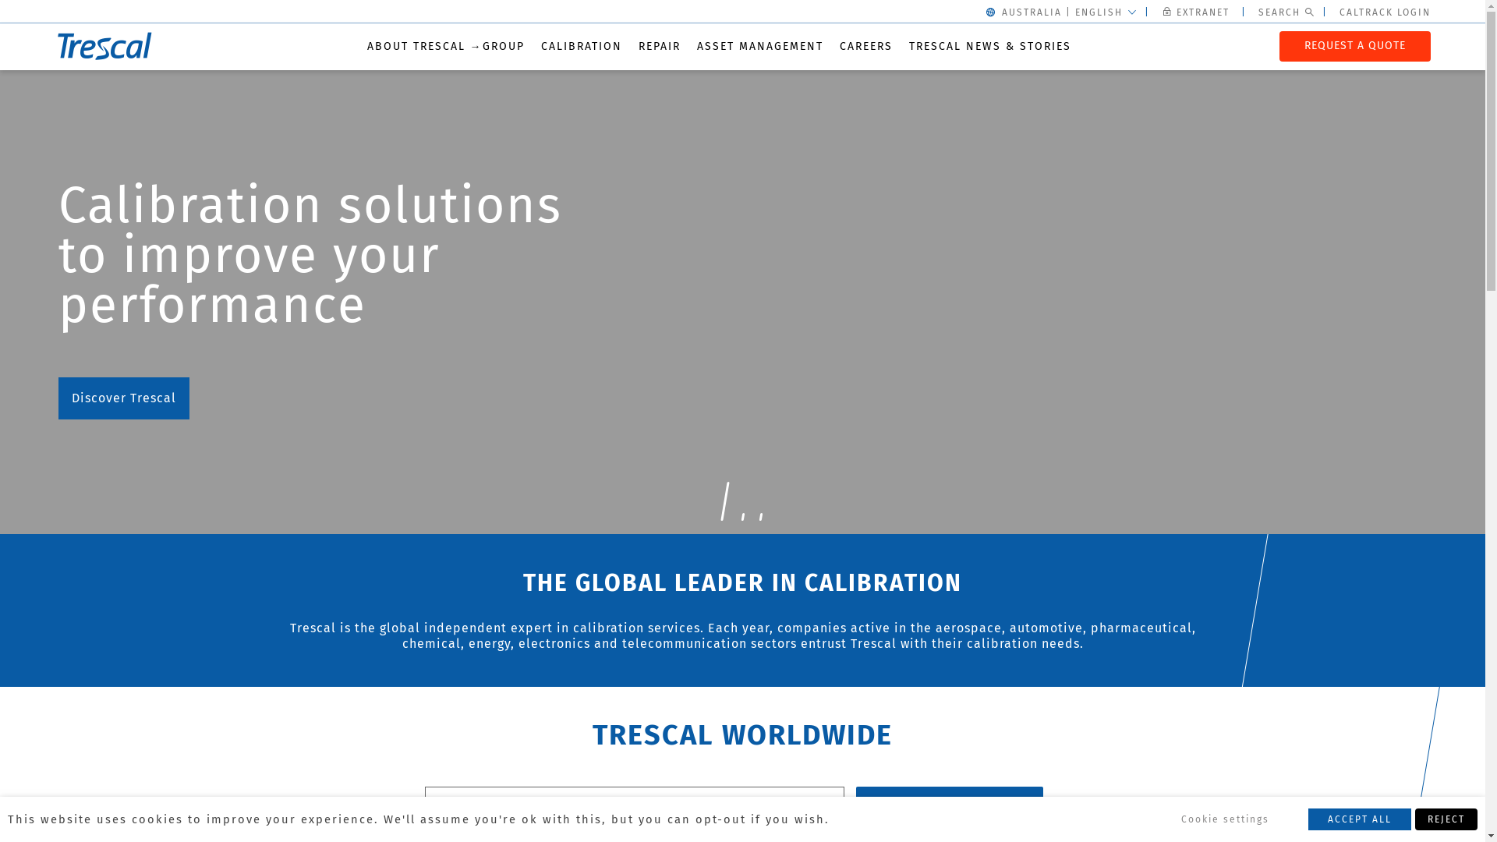  What do you see at coordinates (1197, 12) in the screenshot?
I see `'EXTRANET'` at bounding box center [1197, 12].